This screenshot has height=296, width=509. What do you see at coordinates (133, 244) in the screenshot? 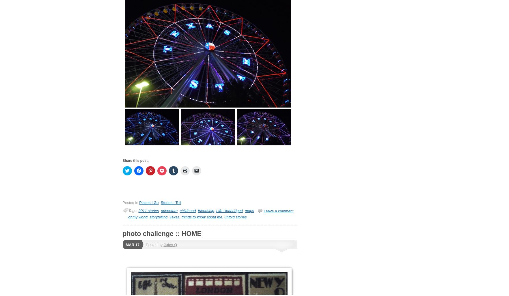
I see `'Mar 17'` at bounding box center [133, 244].